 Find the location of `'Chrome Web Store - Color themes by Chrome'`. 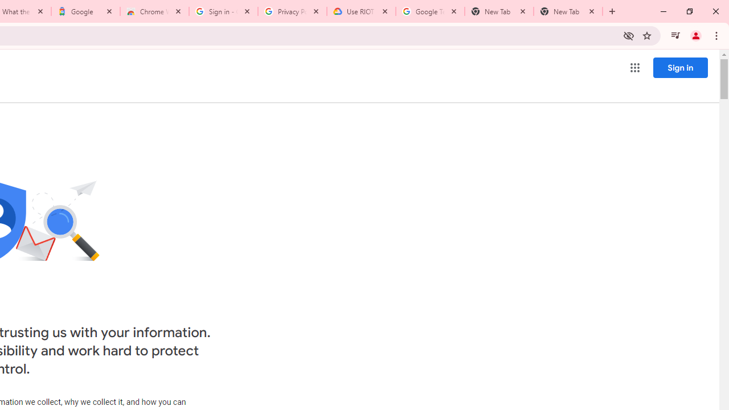

'Chrome Web Store - Color themes by Chrome' is located at coordinates (154, 11).